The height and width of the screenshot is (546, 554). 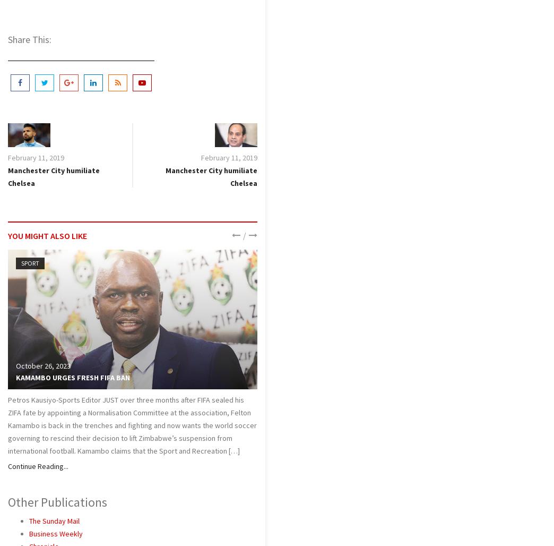 I want to click on '/', so click(x=243, y=235).